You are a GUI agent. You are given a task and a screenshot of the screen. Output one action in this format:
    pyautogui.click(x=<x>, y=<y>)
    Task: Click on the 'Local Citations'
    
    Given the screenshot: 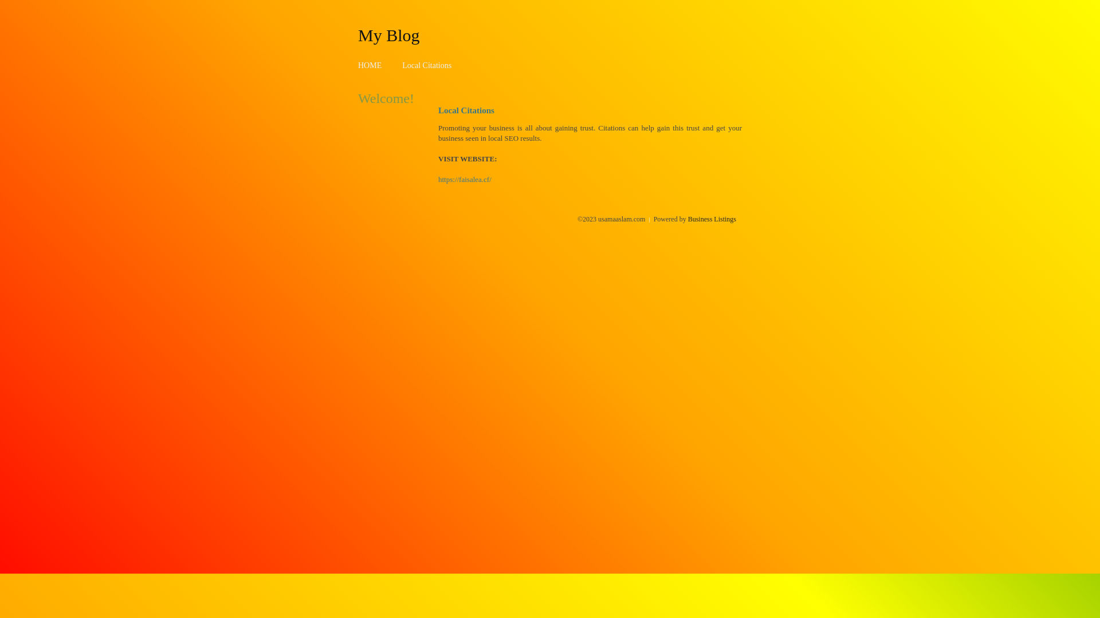 What is the action you would take?
    pyautogui.click(x=426, y=65)
    